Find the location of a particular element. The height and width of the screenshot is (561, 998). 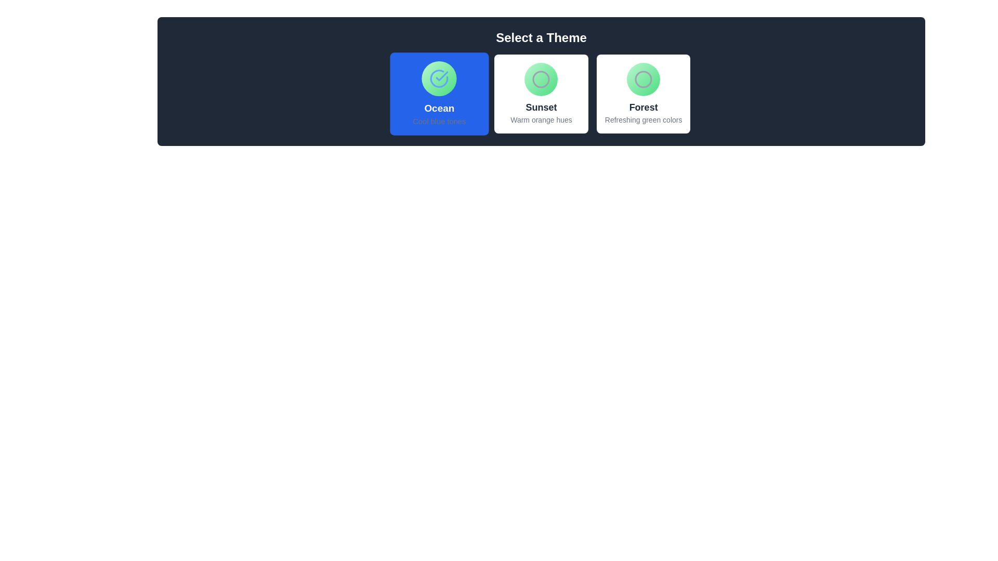

the Decorative and Interactive Icon representing the 'Sunset' theme, located in the second column of the selection grid above the text 'Sunset' and 'Warm orange hues' is located at coordinates (541, 79).